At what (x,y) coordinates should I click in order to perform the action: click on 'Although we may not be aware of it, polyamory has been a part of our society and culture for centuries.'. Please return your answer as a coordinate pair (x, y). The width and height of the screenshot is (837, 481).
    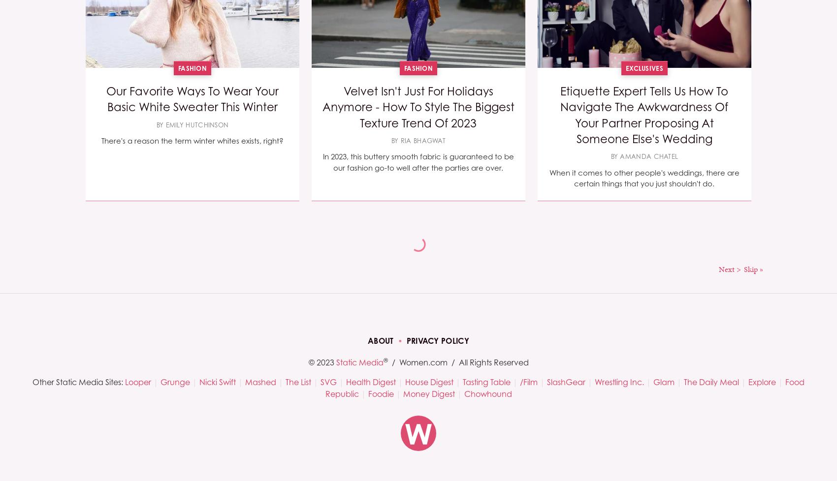
    Looking at the image, I should click on (192, 410).